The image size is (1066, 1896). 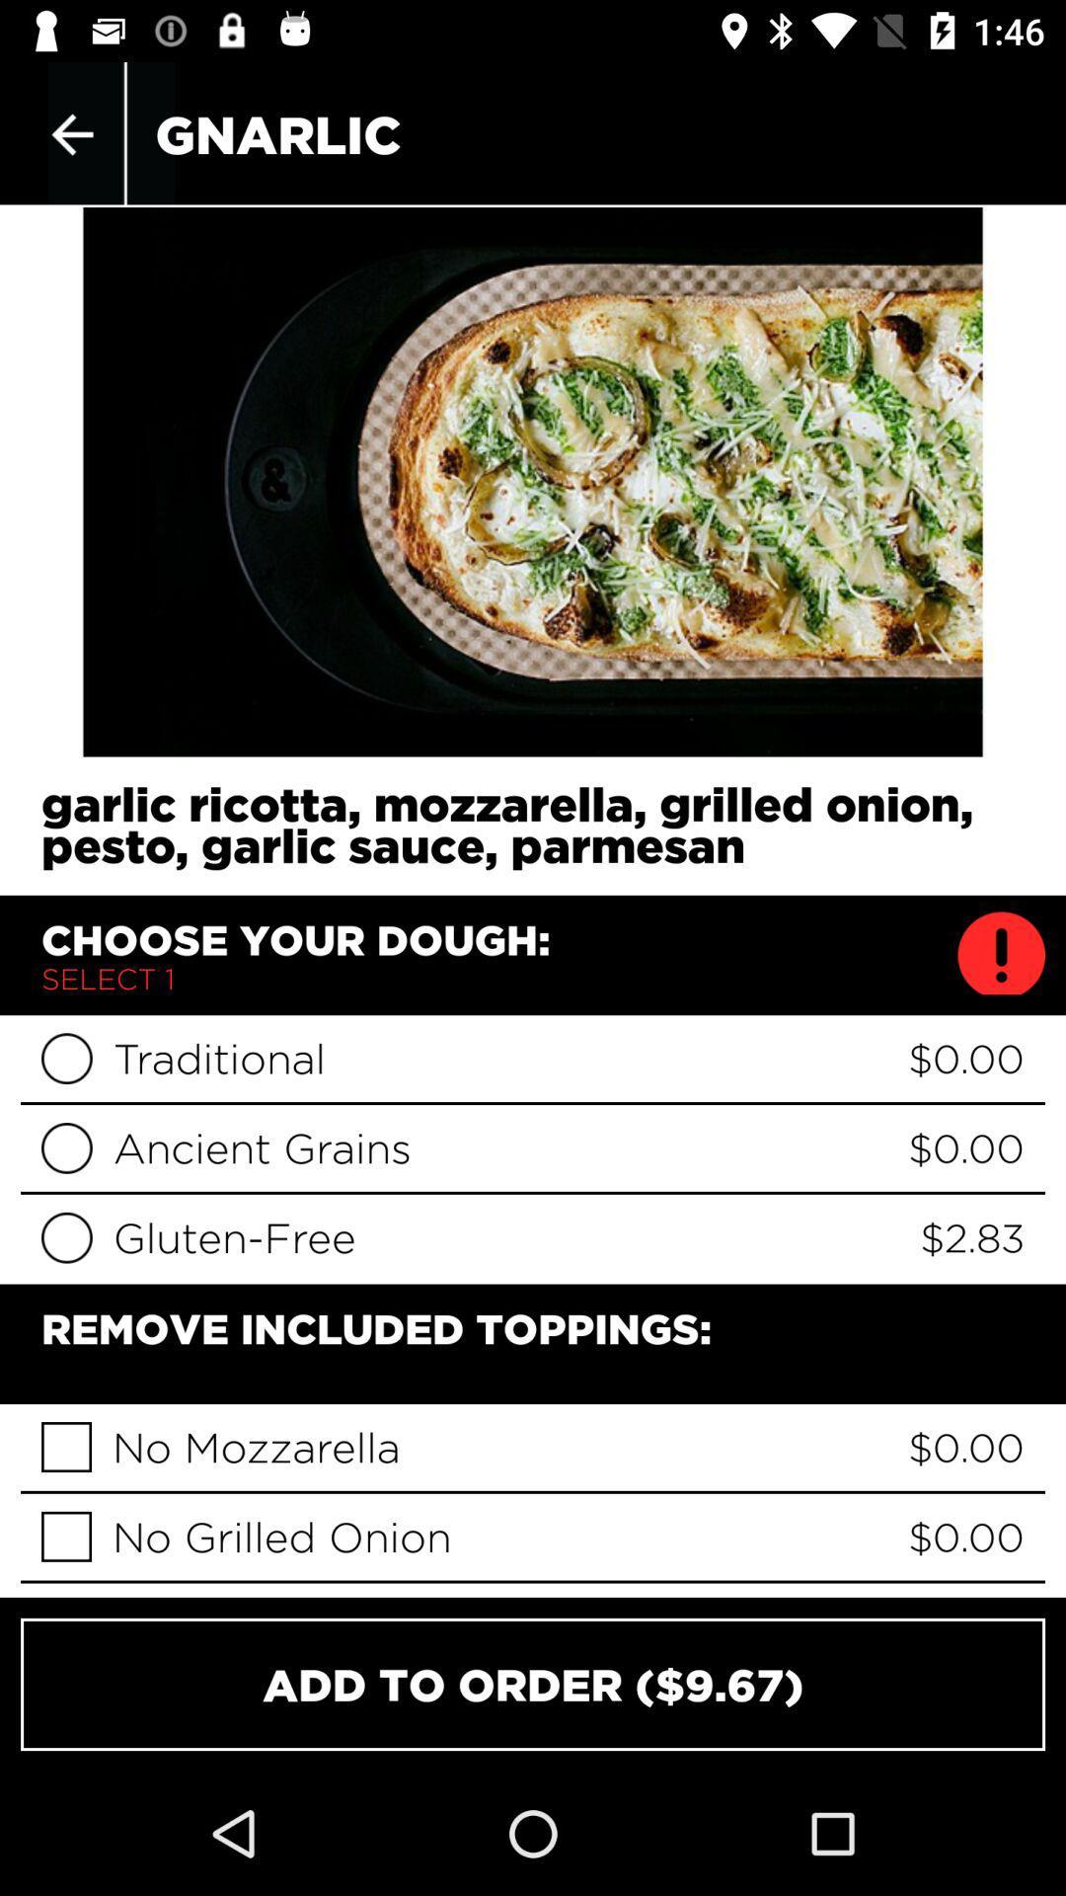 What do you see at coordinates (65, 1536) in the screenshot?
I see `no grilled onion` at bounding box center [65, 1536].